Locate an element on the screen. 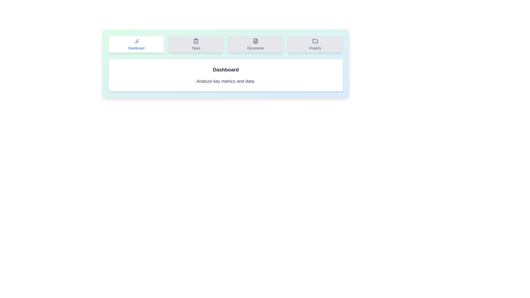  the tab labeled Dashboard is located at coordinates (136, 44).